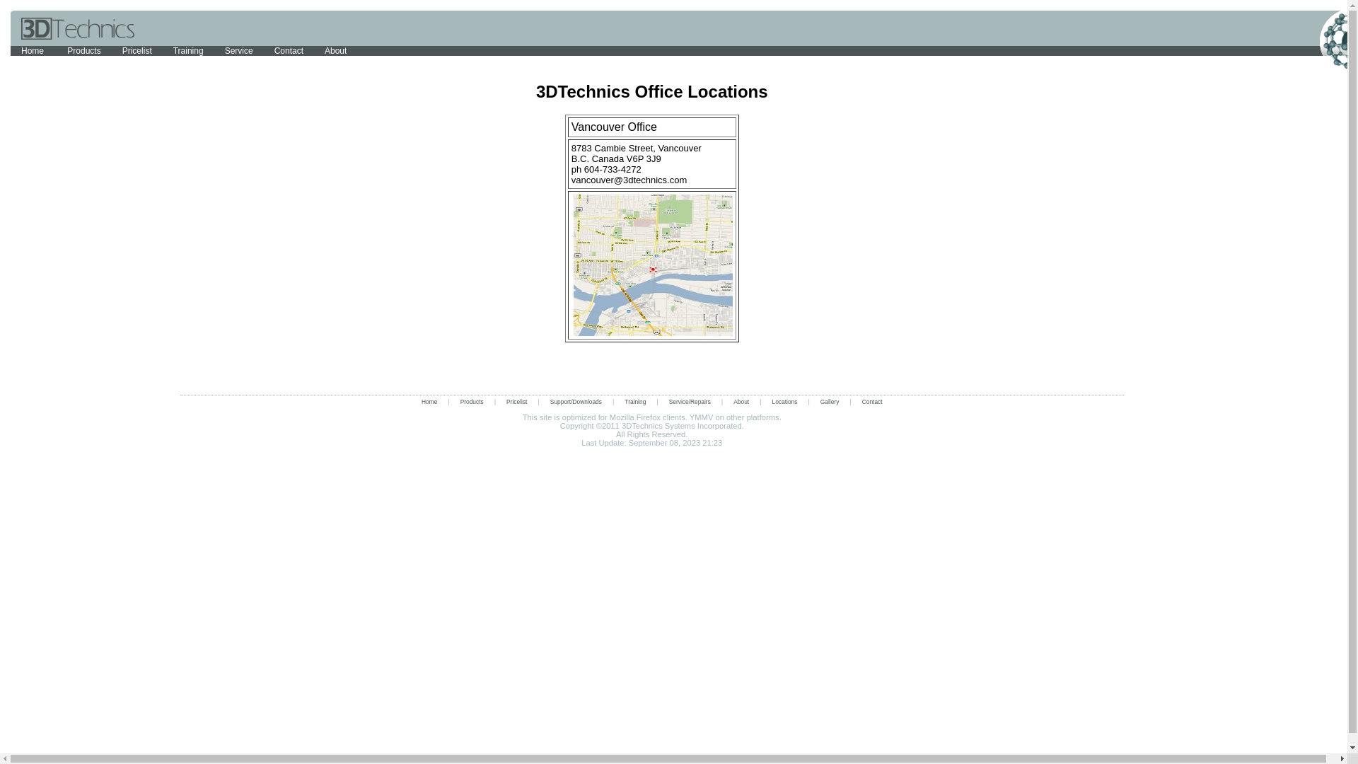  I want to click on 'Service/Repairs', so click(690, 401).